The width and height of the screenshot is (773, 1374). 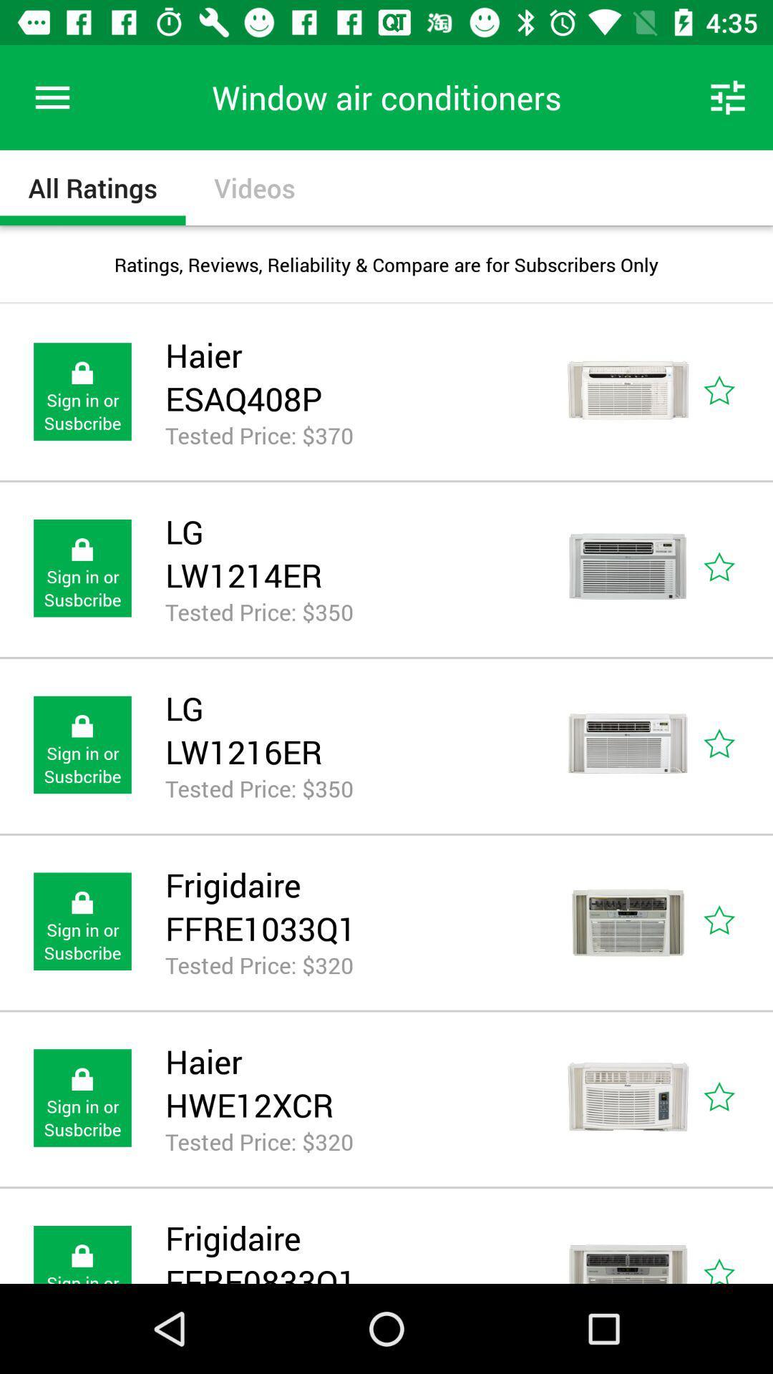 What do you see at coordinates (735, 1097) in the screenshot?
I see `favorite` at bounding box center [735, 1097].